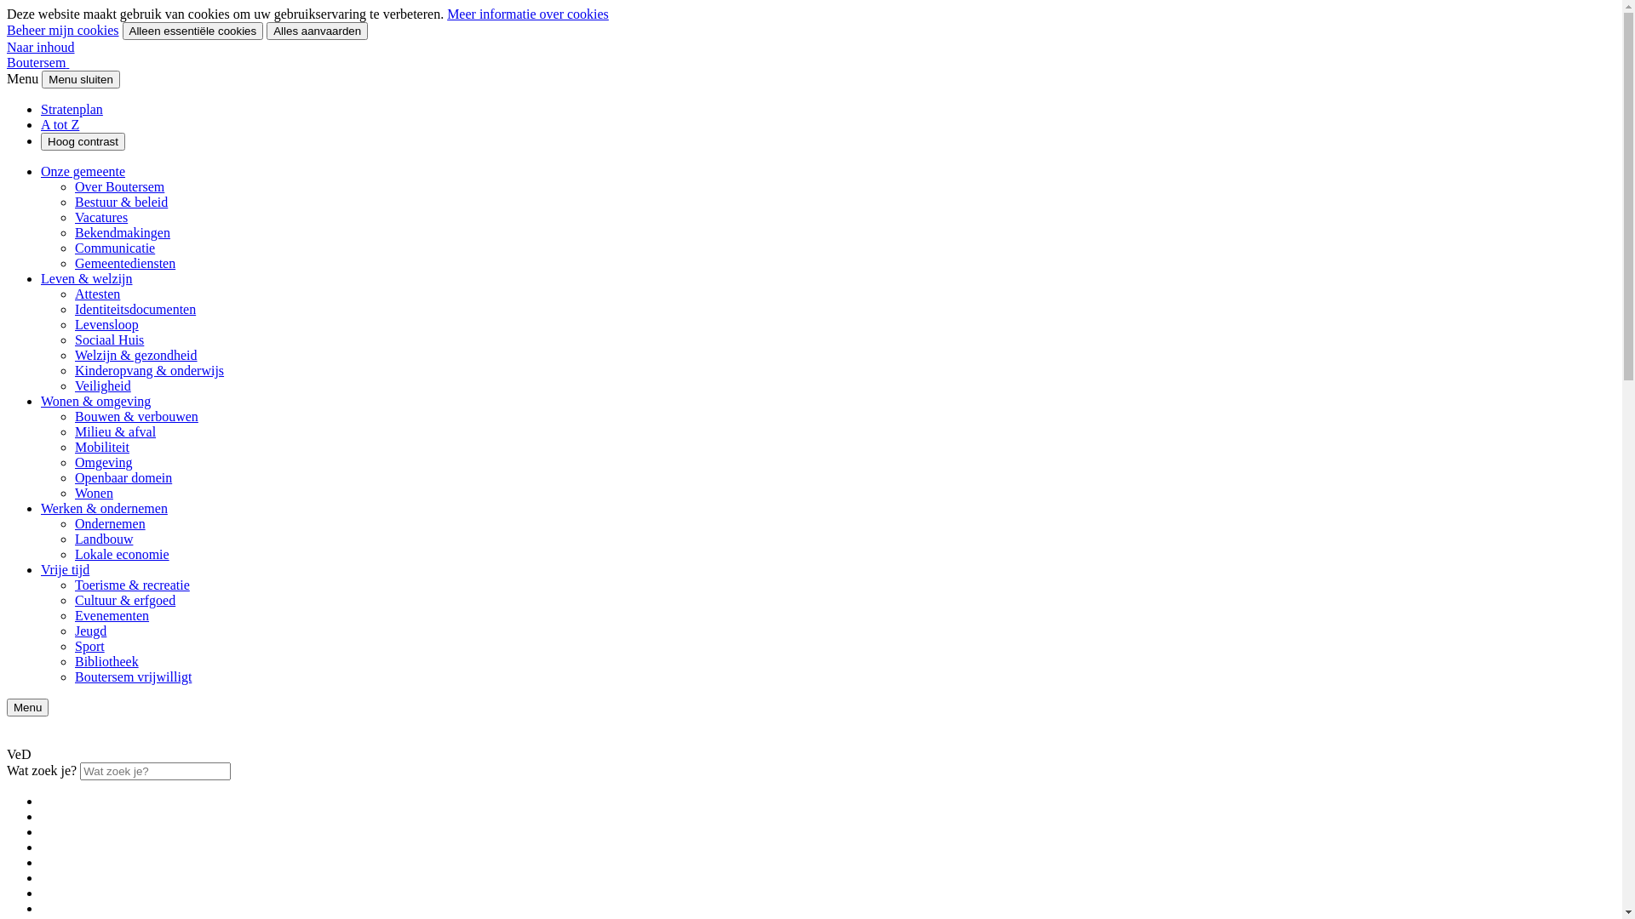 Image resolution: width=1635 pixels, height=919 pixels. I want to click on 'Werken & ondernemen', so click(103, 507).